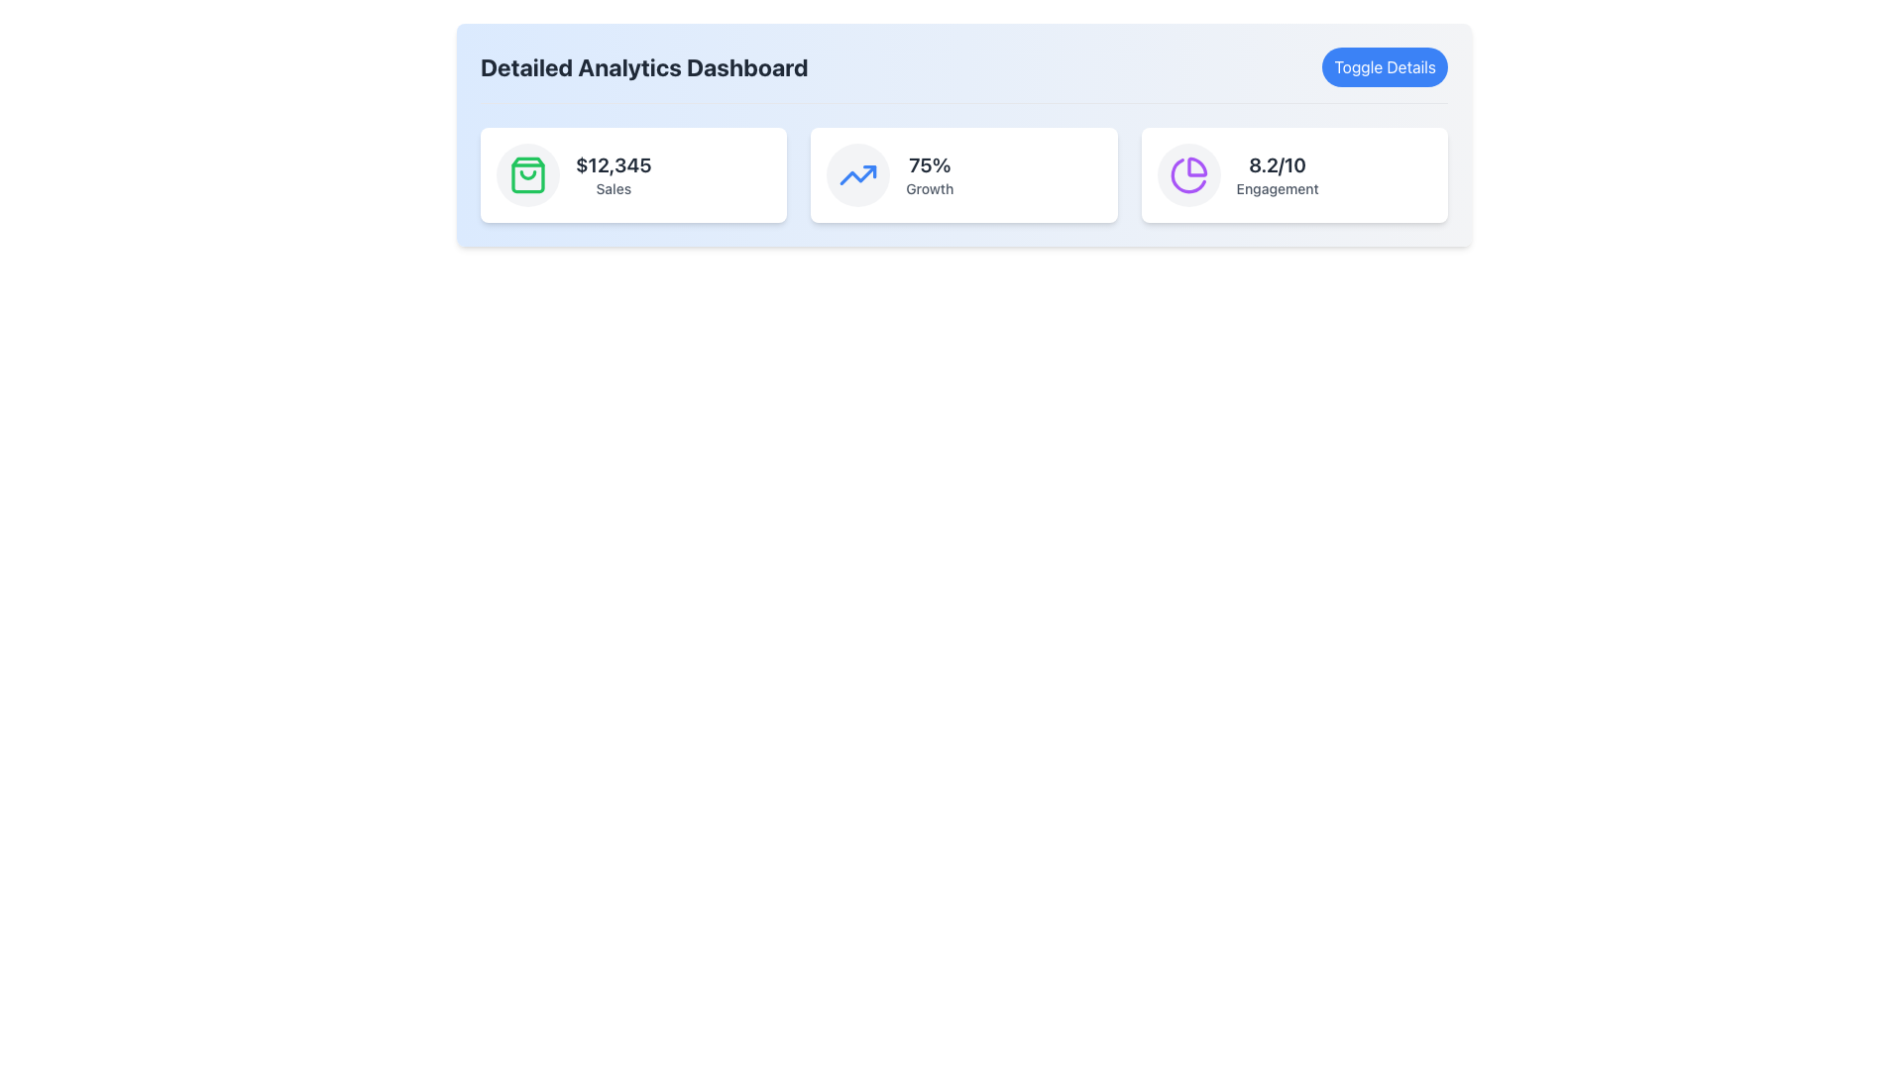 The image size is (1903, 1070). Describe the element at coordinates (929, 163) in the screenshot. I see `the large, bold, dark blue text label displaying '75%' located at the top center of the second card in a row of three cards on the analytics dashboard` at that location.